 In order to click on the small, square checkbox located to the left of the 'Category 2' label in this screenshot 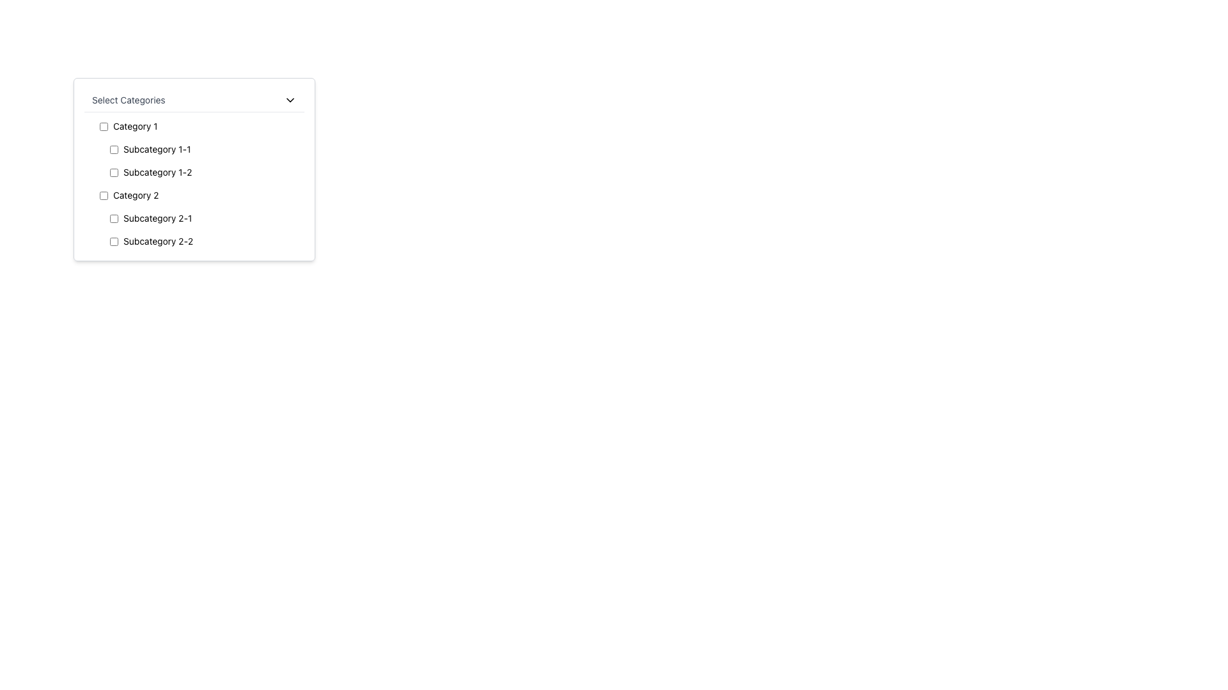, I will do `click(104, 195)`.